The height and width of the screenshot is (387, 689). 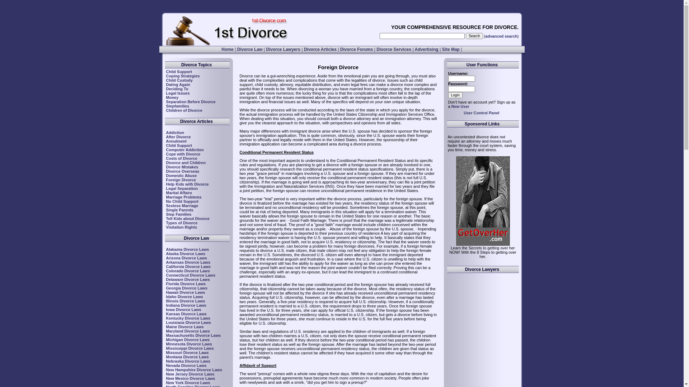 I want to click on 'Marriage Problems', so click(x=183, y=197).